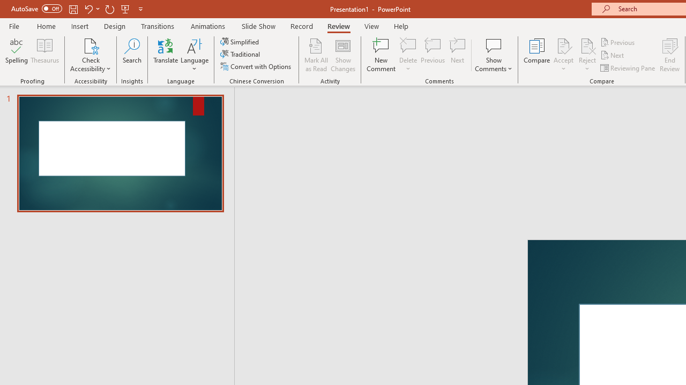  Describe the element at coordinates (14, 25) in the screenshot. I see `'File Tab'` at that location.